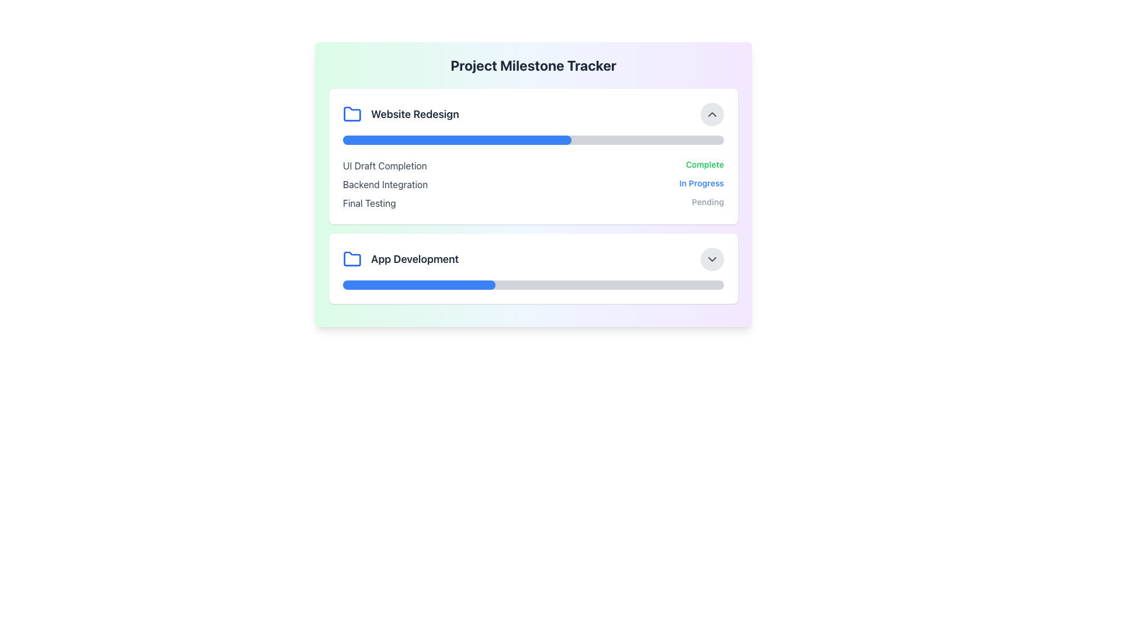 Image resolution: width=1122 pixels, height=631 pixels. Describe the element at coordinates (712, 115) in the screenshot. I see `the upward-pointing chevron icon button with a light gray background, located on the right-hand side of the 'Website Redesign' header` at that location.